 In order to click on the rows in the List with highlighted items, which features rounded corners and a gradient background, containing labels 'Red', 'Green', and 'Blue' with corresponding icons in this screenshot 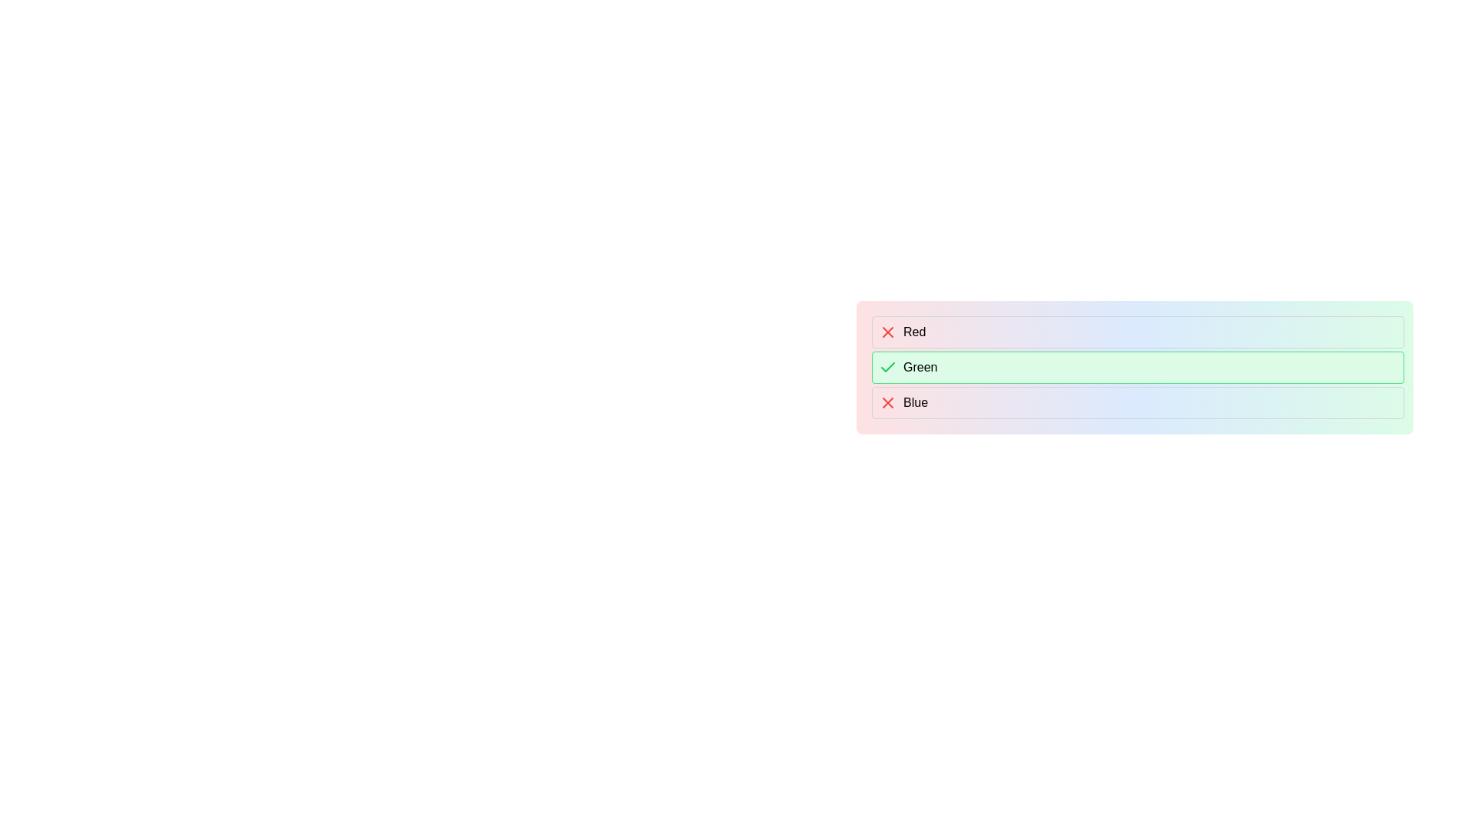, I will do `click(1135, 367)`.